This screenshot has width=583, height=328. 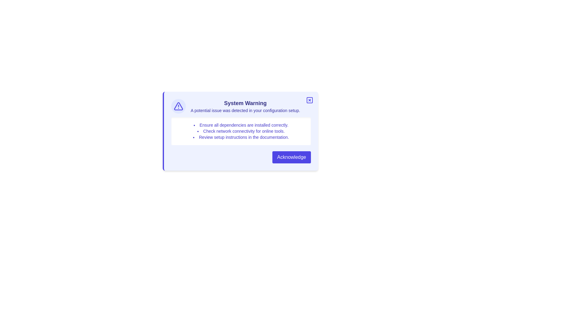 I want to click on close button located at the top-right corner of the alert, so click(x=309, y=100).